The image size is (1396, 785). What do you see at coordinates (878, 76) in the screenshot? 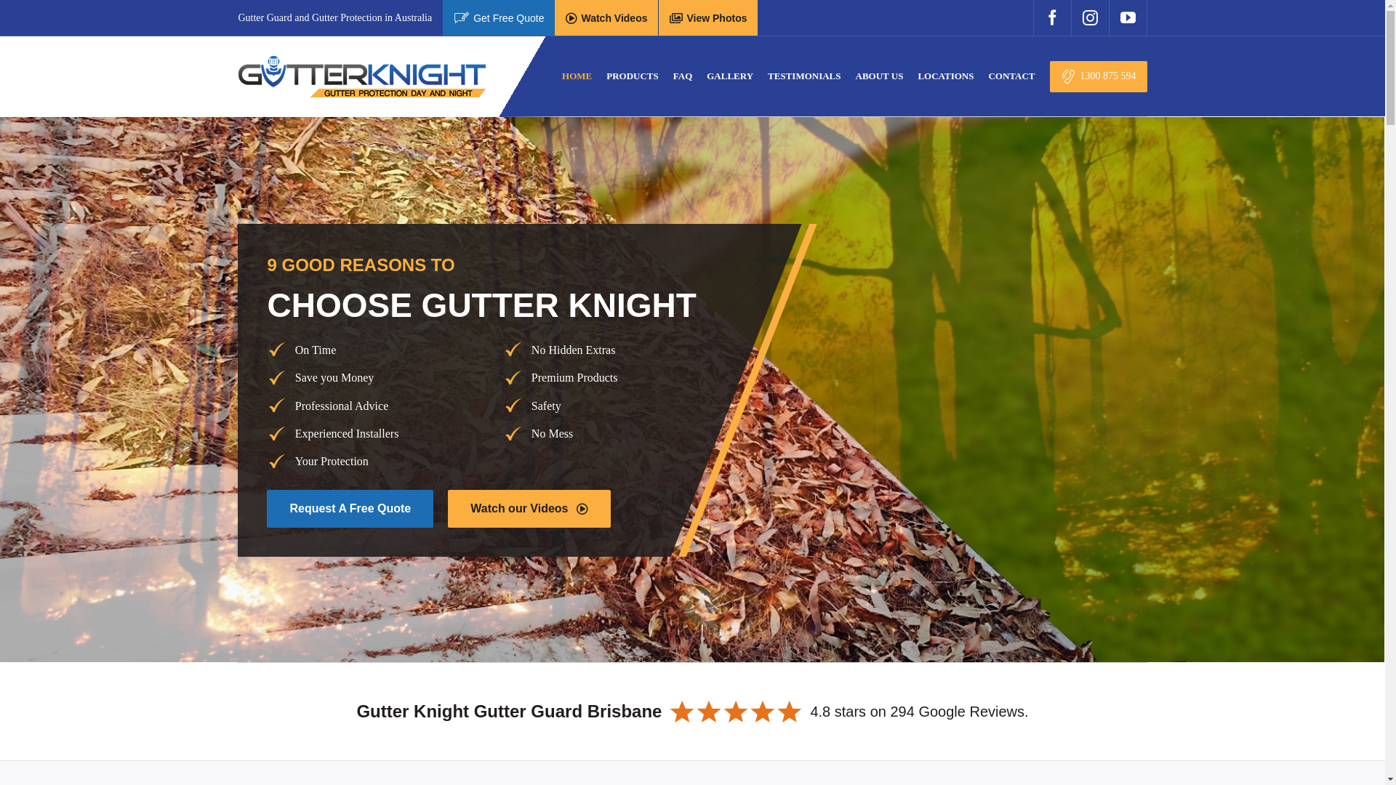
I see `'ABOUT US'` at bounding box center [878, 76].